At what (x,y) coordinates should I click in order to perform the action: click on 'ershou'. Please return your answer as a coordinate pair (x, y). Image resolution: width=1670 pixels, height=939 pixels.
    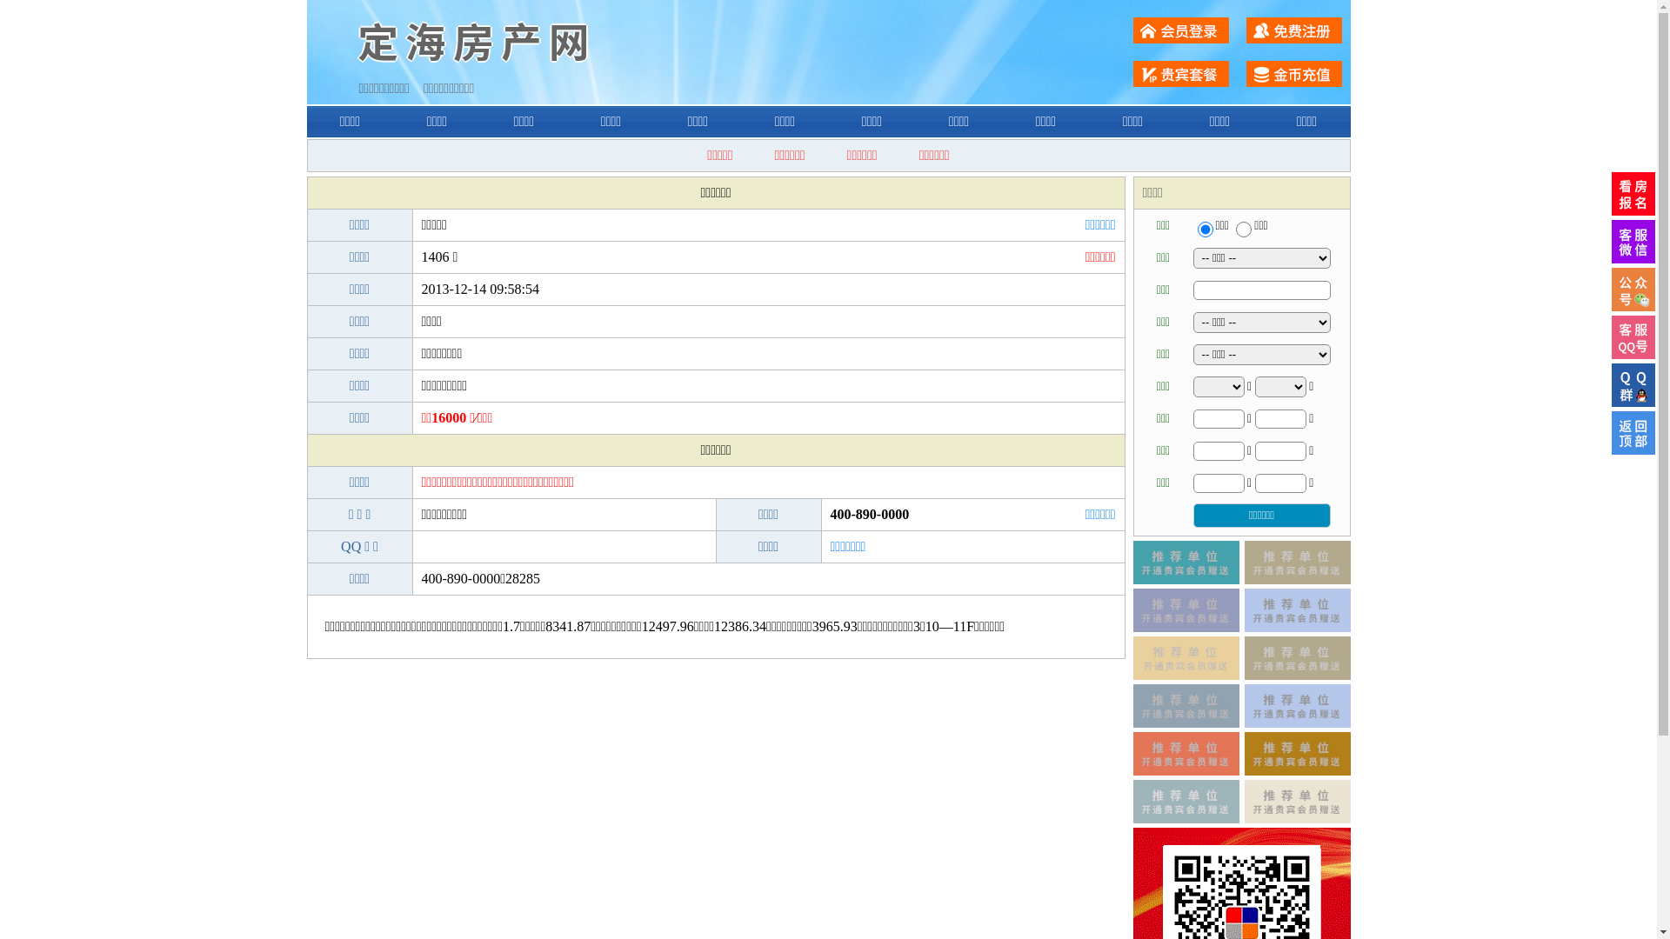
    Looking at the image, I should click on (1204, 228).